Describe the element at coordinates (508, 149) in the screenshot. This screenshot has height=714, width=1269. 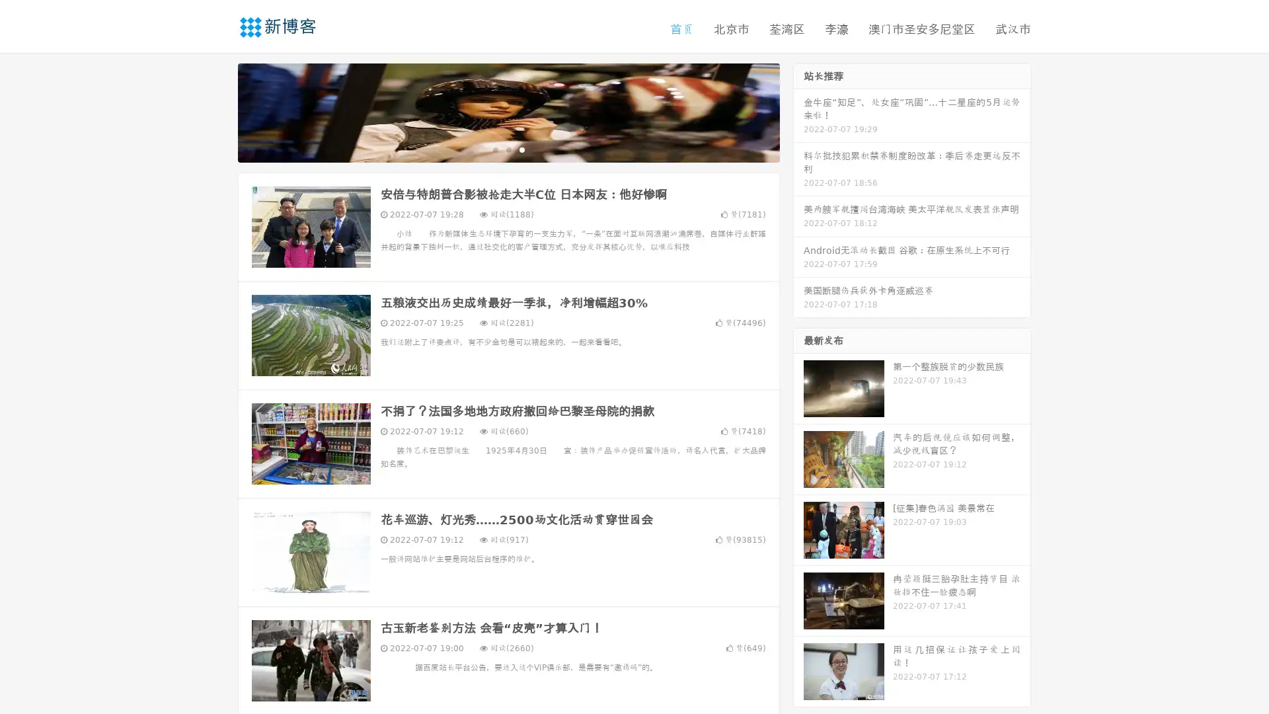
I see `Go to slide 2` at that location.